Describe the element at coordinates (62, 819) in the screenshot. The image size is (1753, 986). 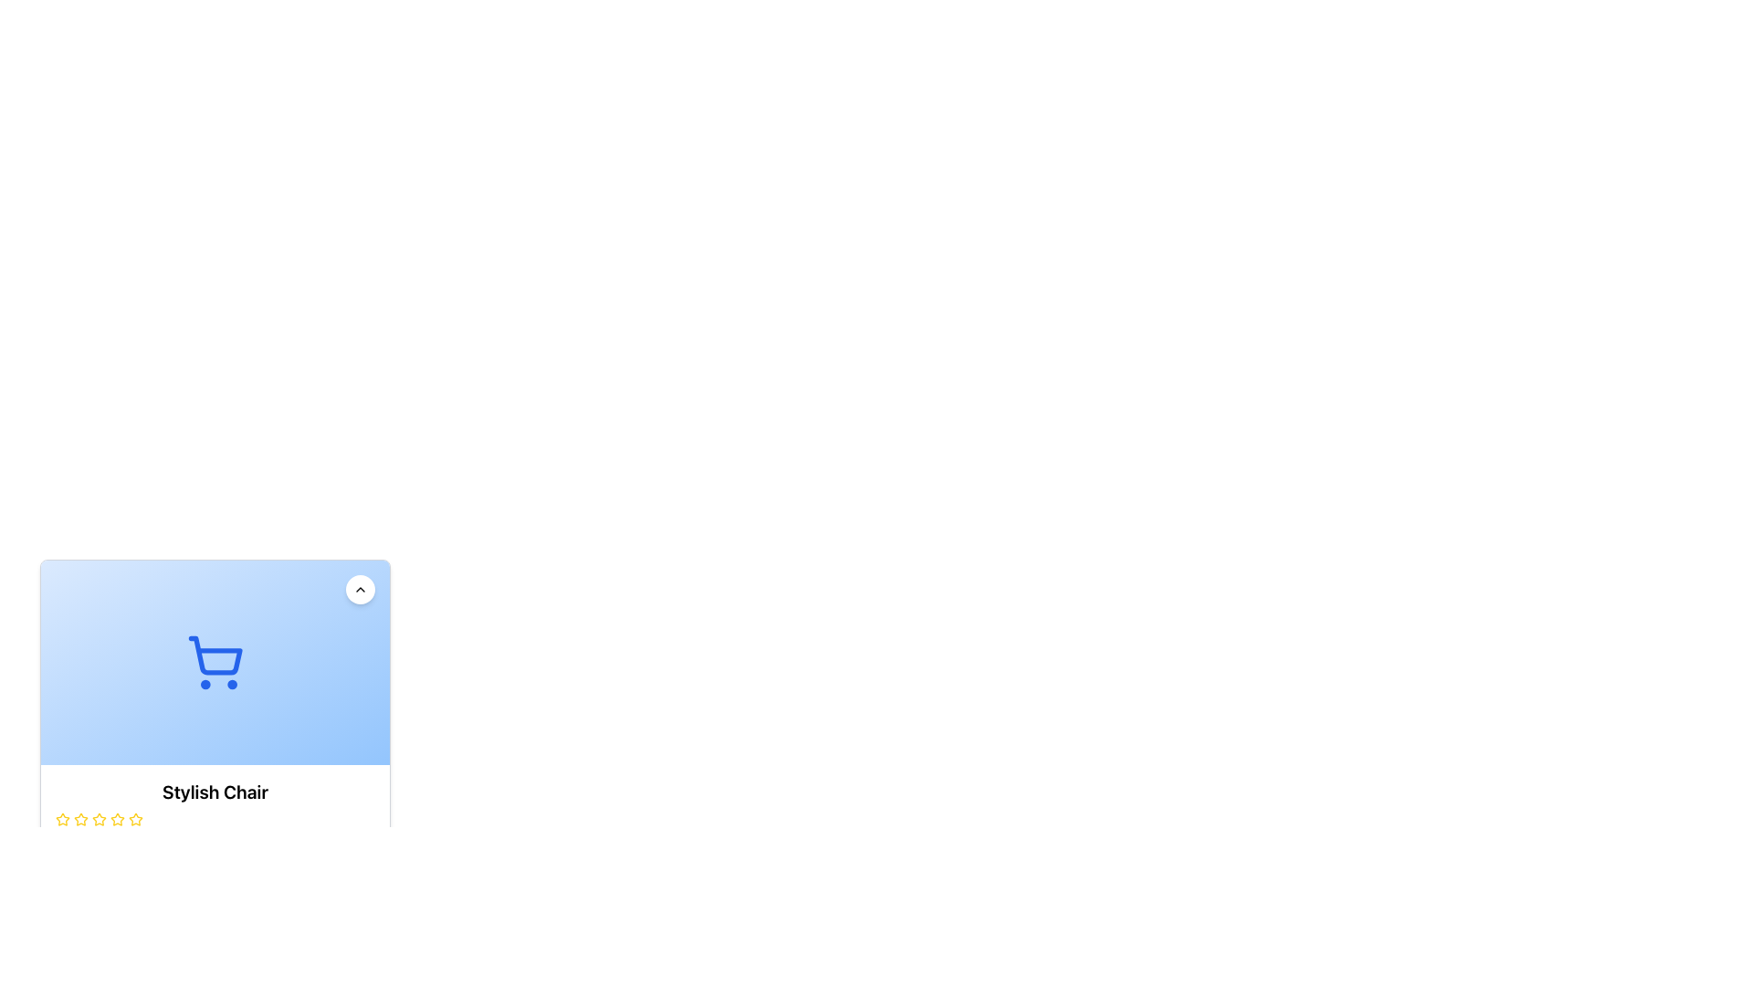
I see `the leftmost star icon in the rating system below the 'Stylish Chair' product title` at that location.